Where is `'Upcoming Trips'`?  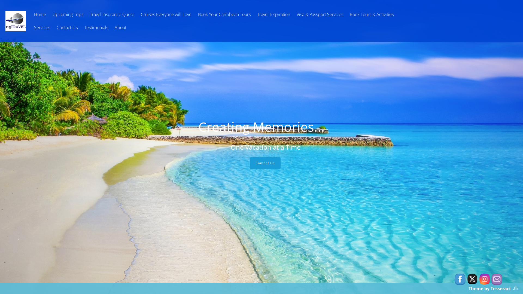
'Upcoming Trips' is located at coordinates (68, 14).